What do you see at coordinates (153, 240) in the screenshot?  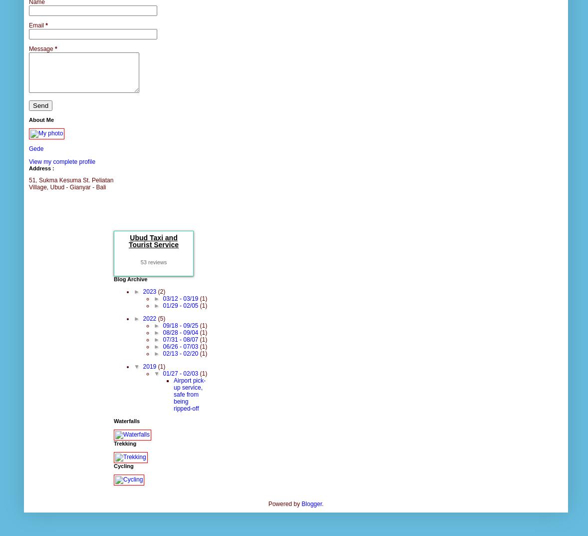 I see `'Ubud Taxi and Tourist Service'` at bounding box center [153, 240].